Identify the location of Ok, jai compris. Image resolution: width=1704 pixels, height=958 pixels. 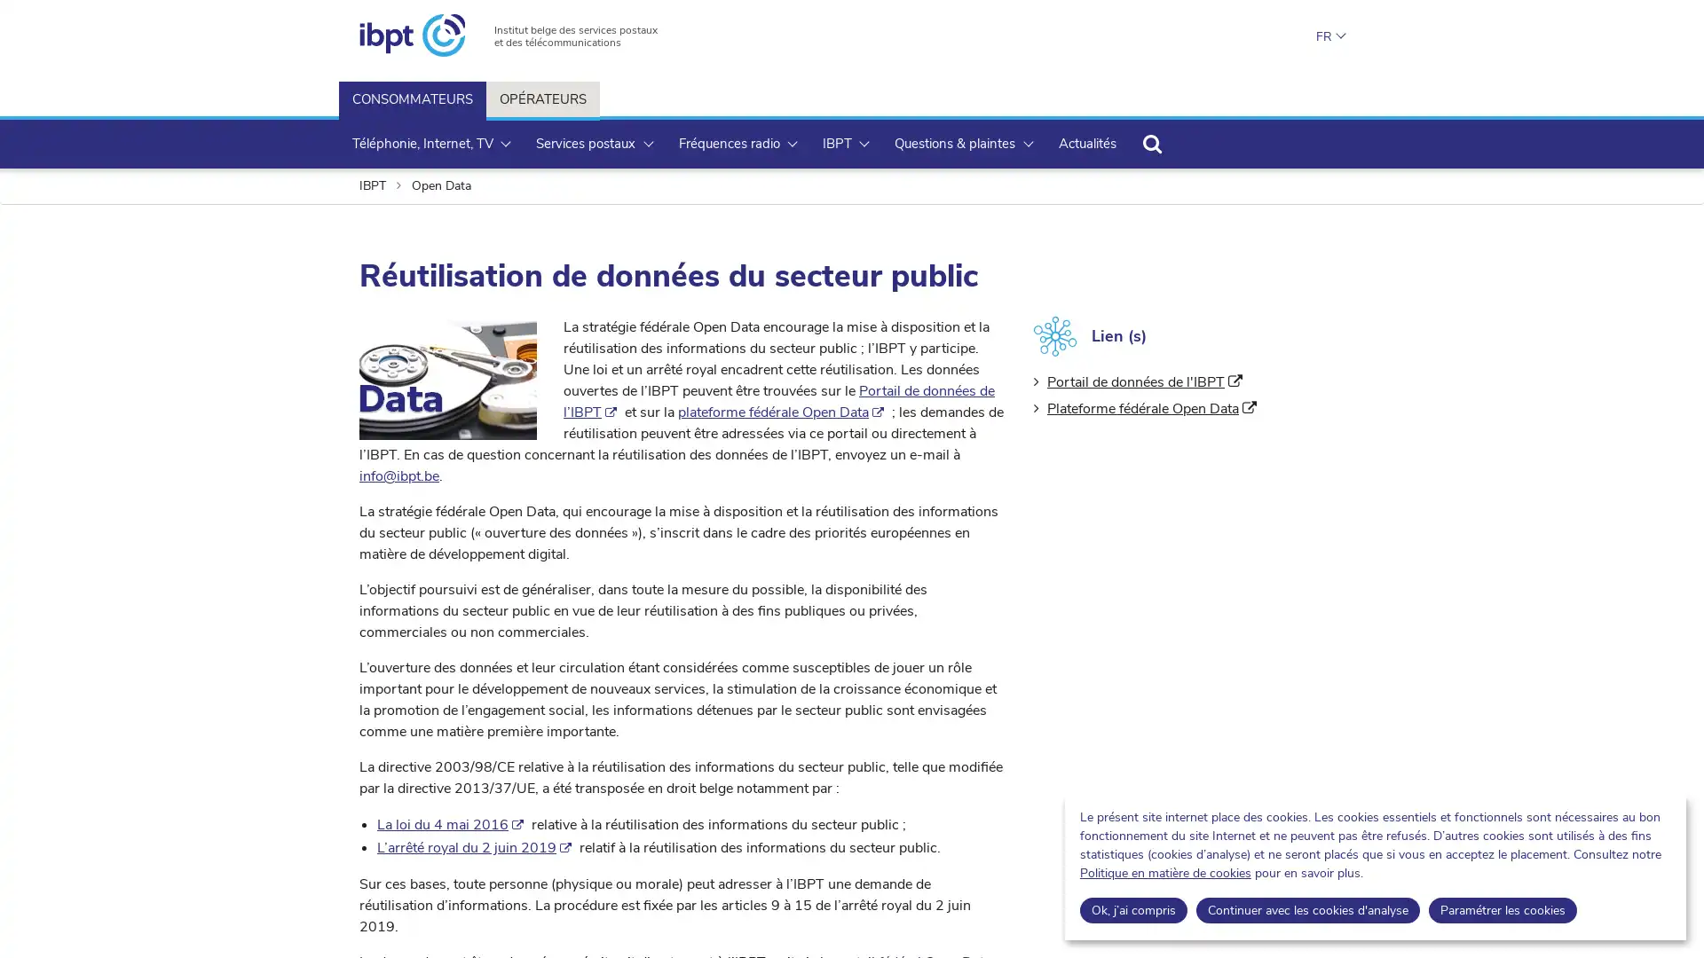
(1132, 910).